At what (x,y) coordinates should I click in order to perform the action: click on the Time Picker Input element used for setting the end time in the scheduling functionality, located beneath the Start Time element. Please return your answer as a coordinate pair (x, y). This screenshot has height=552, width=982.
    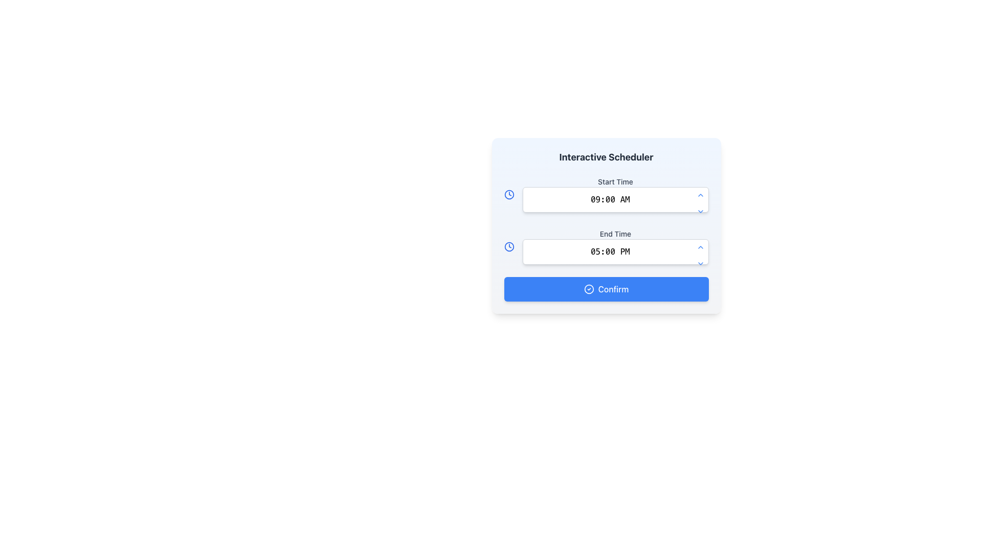
    Looking at the image, I should click on (615, 252).